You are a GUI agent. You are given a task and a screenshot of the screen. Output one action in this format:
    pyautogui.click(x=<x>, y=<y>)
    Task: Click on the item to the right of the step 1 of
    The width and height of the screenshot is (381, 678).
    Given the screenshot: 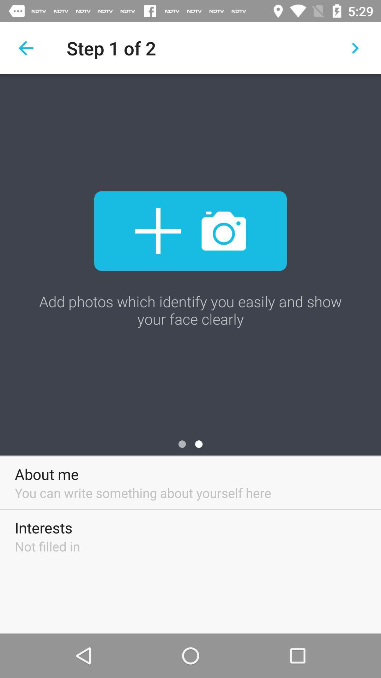 What is the action you would take?
    pyautogui.click(x=355, y=48)
    